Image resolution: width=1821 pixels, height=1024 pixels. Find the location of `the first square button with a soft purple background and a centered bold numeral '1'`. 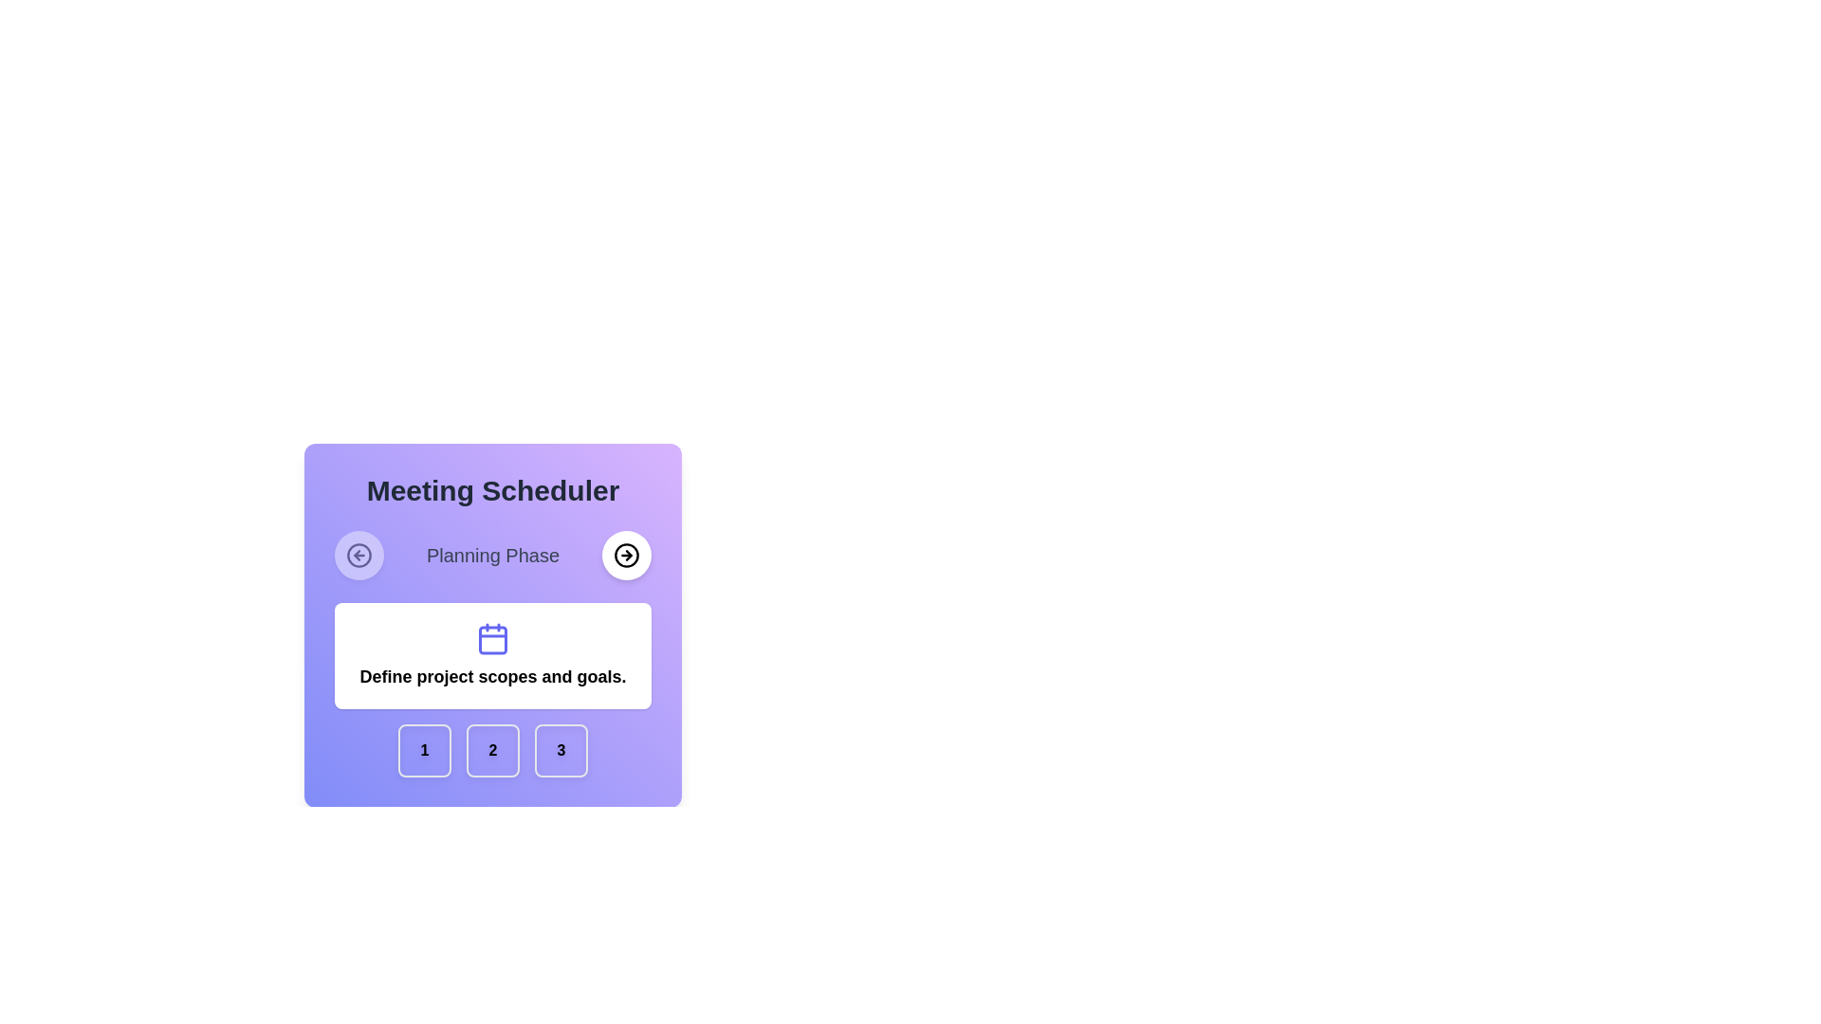

the first square button with a soft purple background and a centered bold numeral '1' is located at coordinates (423, 749).